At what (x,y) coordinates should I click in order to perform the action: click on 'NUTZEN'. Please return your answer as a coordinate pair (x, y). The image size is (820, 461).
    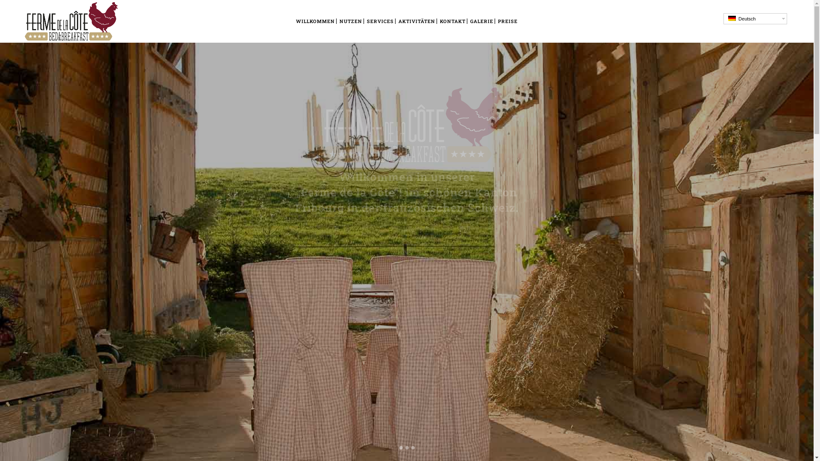
    Looking at the image, I should click on (351, 21).